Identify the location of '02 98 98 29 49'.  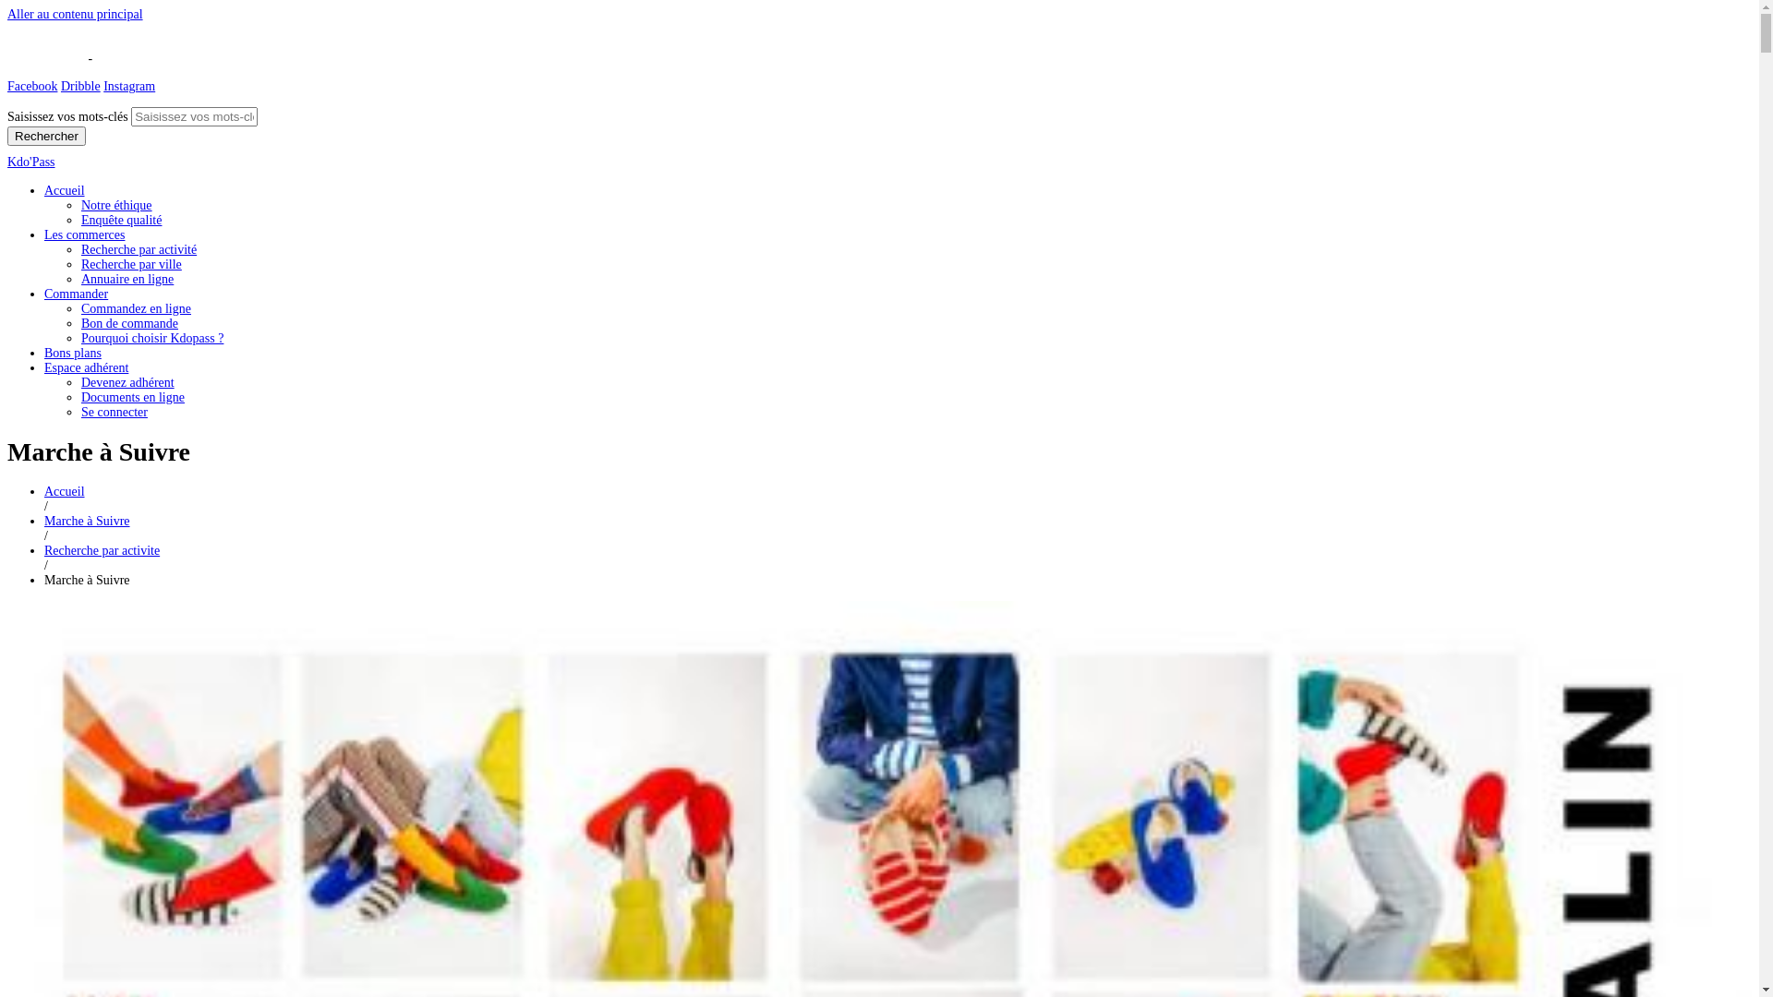
(45, 57).